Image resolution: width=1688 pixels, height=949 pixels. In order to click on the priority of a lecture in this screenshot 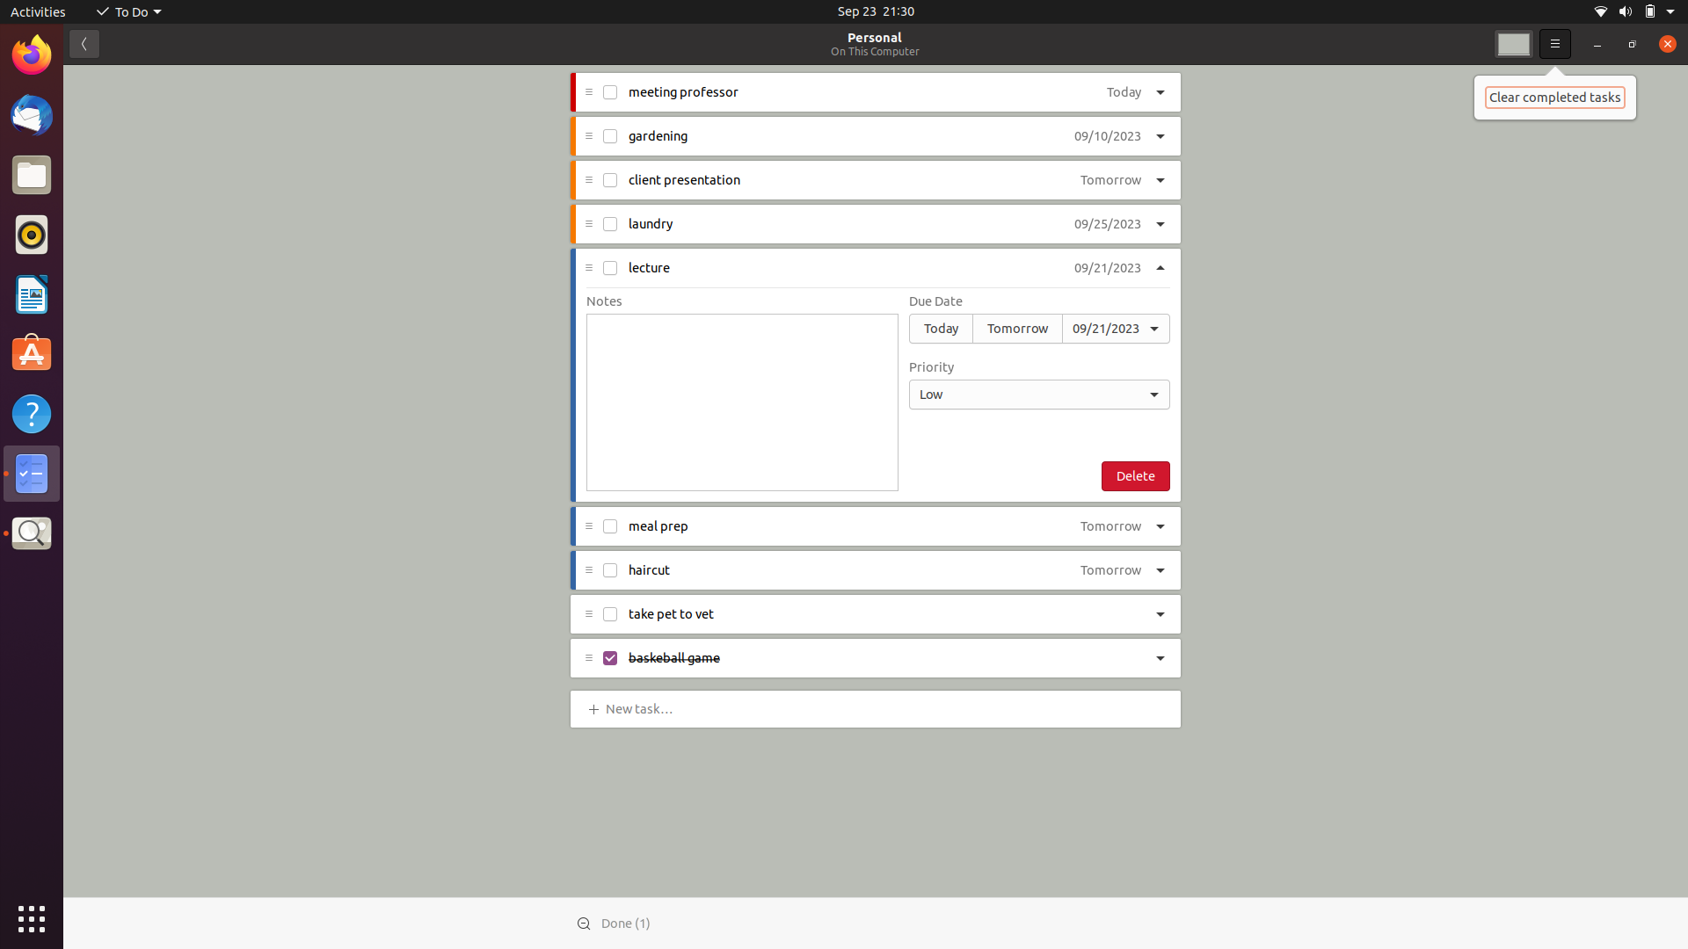, I will do `click(1039, 393)`.